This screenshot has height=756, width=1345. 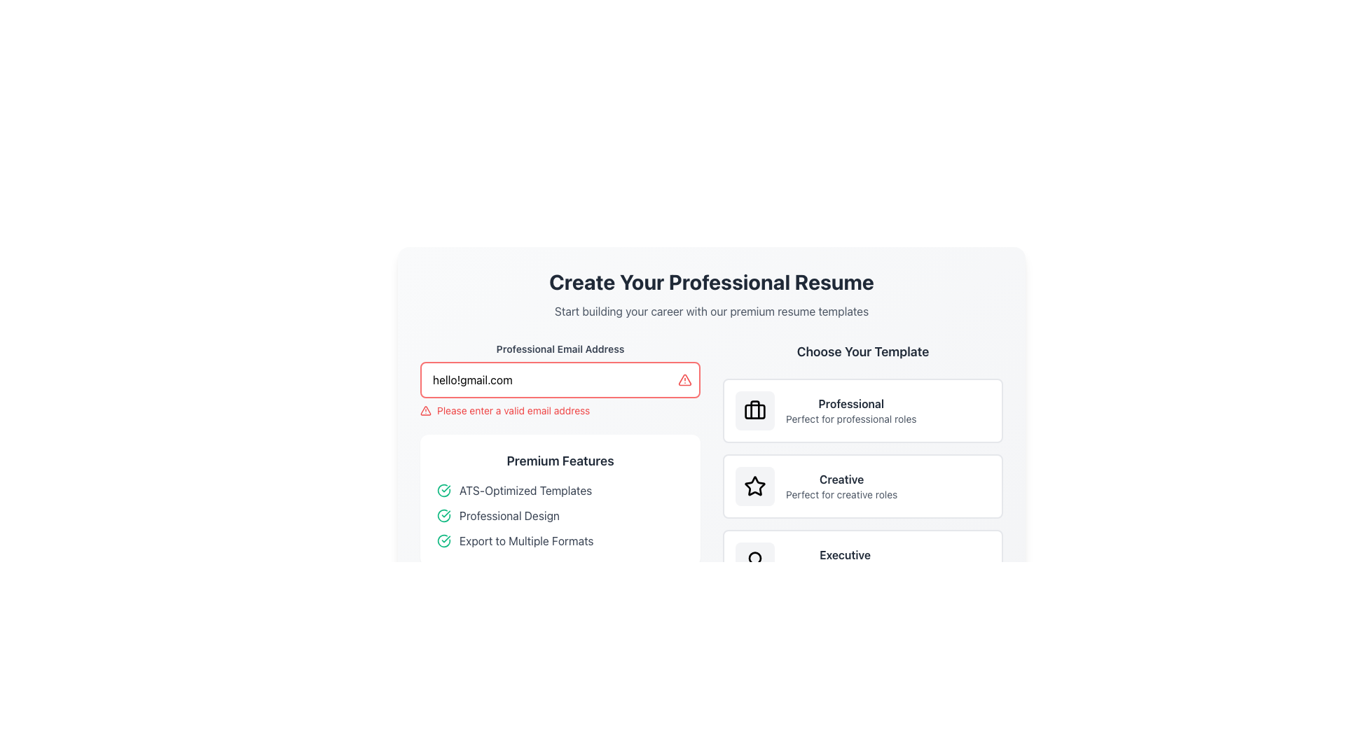 I want to click on the 'Creative' template selectable card option, which is the second option, so click(x=862, y=468).